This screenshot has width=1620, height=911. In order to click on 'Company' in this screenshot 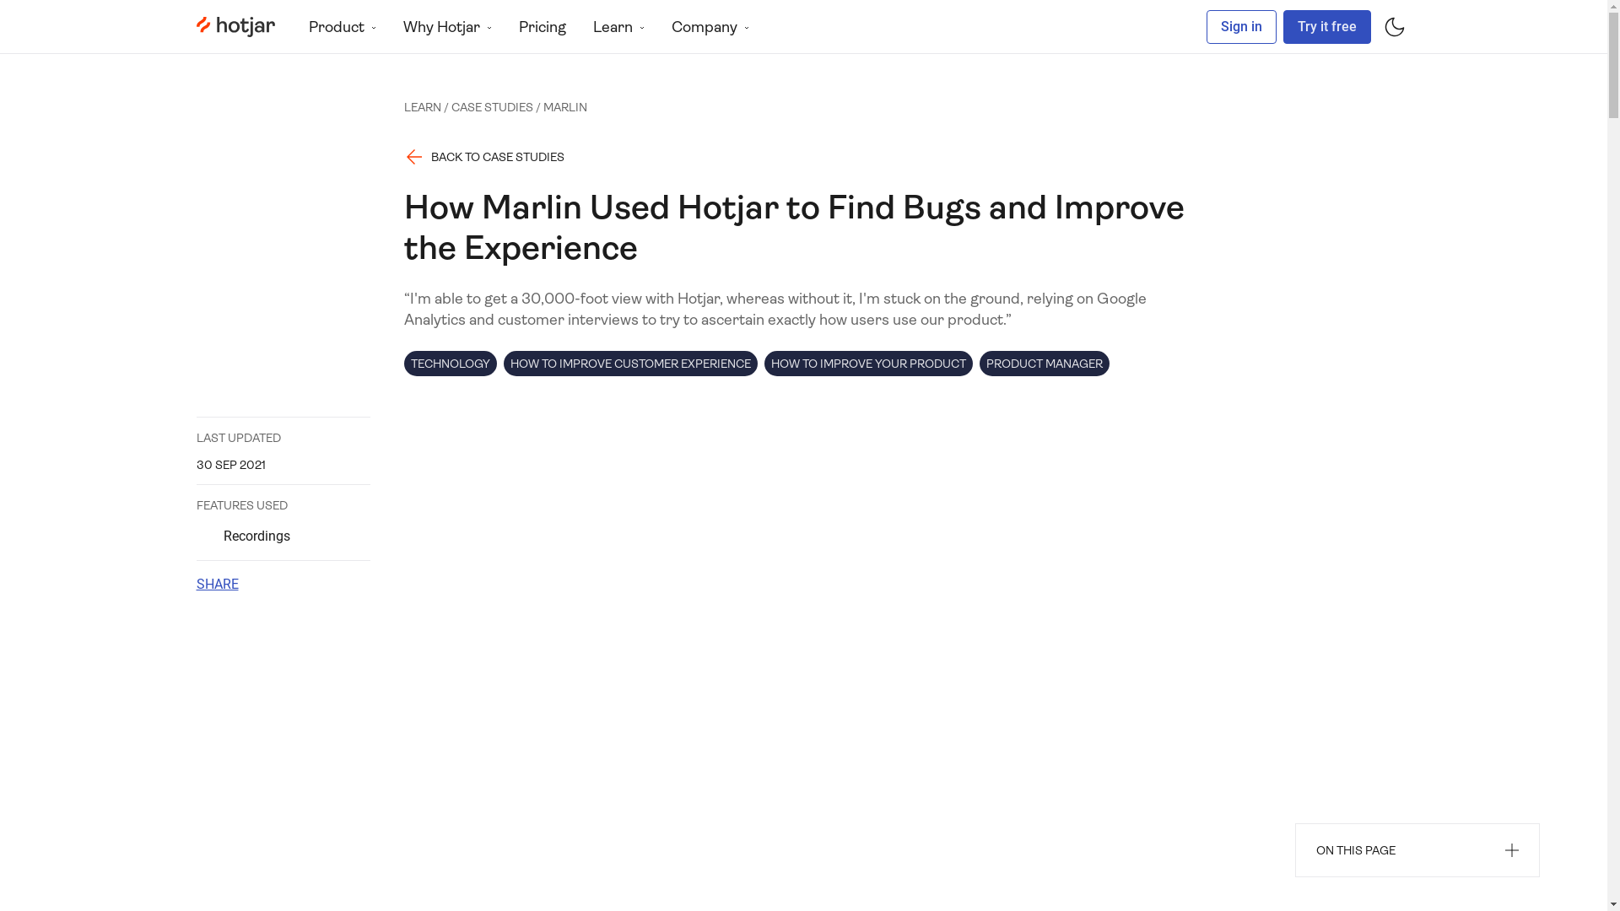, I will do `click(710, 26)`.